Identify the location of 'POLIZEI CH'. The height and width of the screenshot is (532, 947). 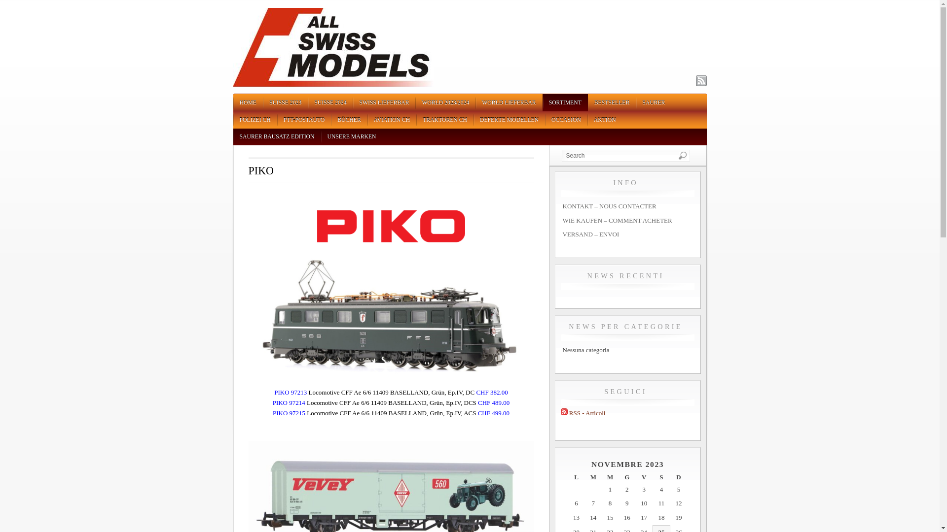
(255, 119).